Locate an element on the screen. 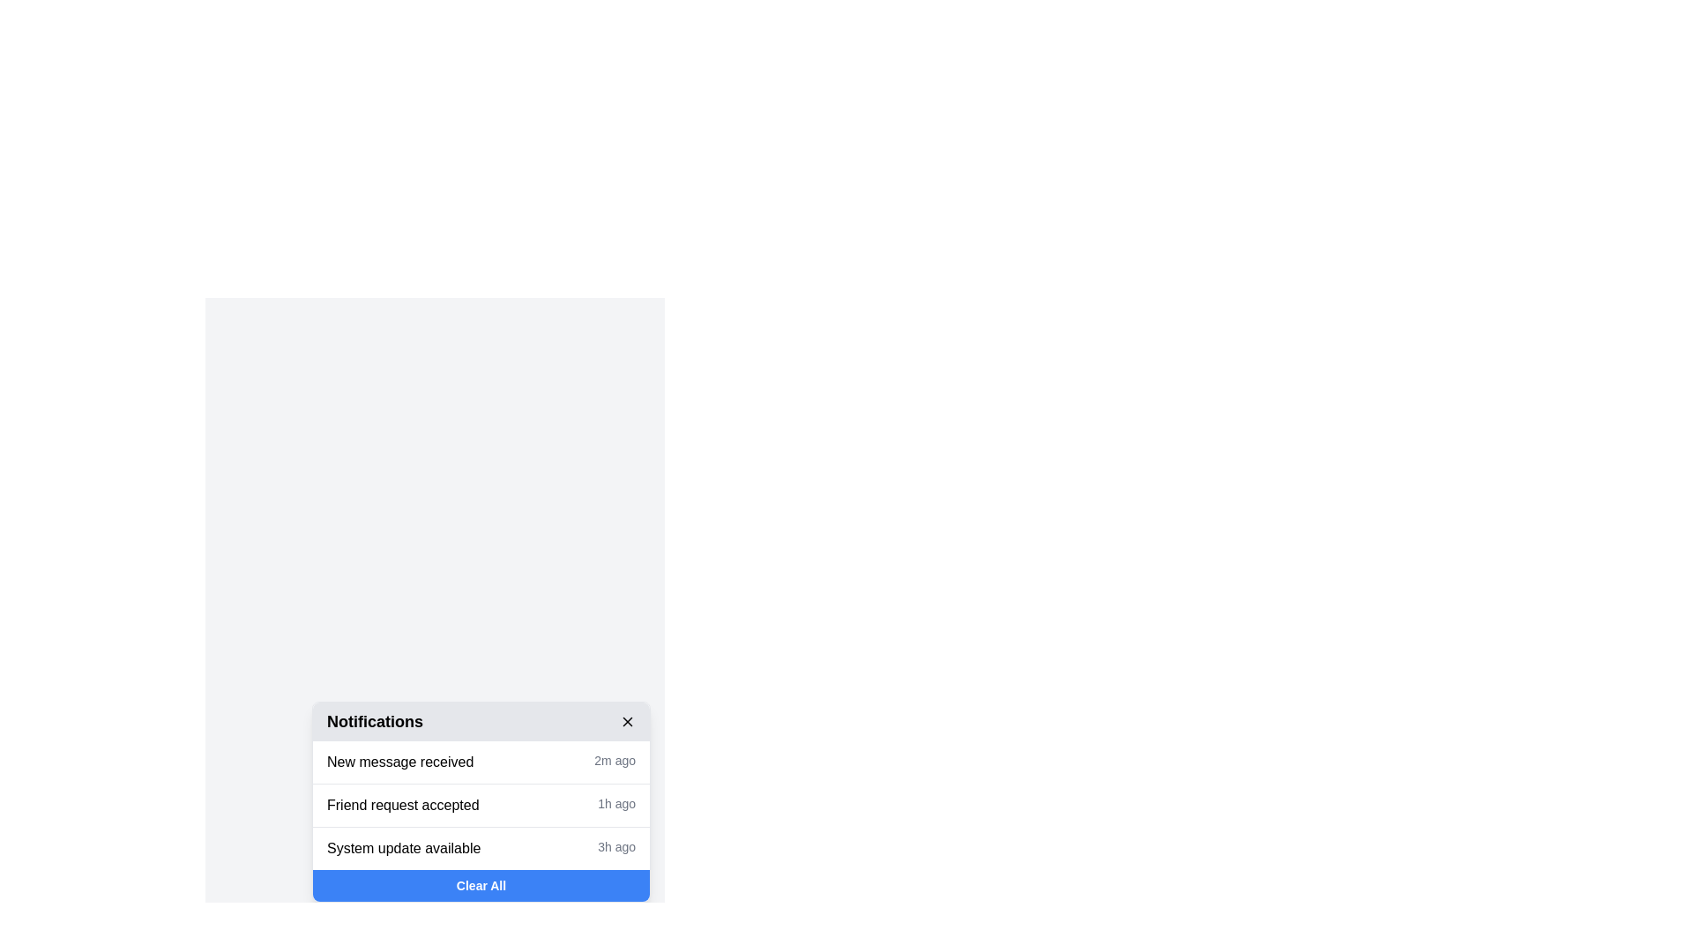  the notification list item indicating a friend request acceptance, which is the second item in the list is located at coordinates (481, 806).